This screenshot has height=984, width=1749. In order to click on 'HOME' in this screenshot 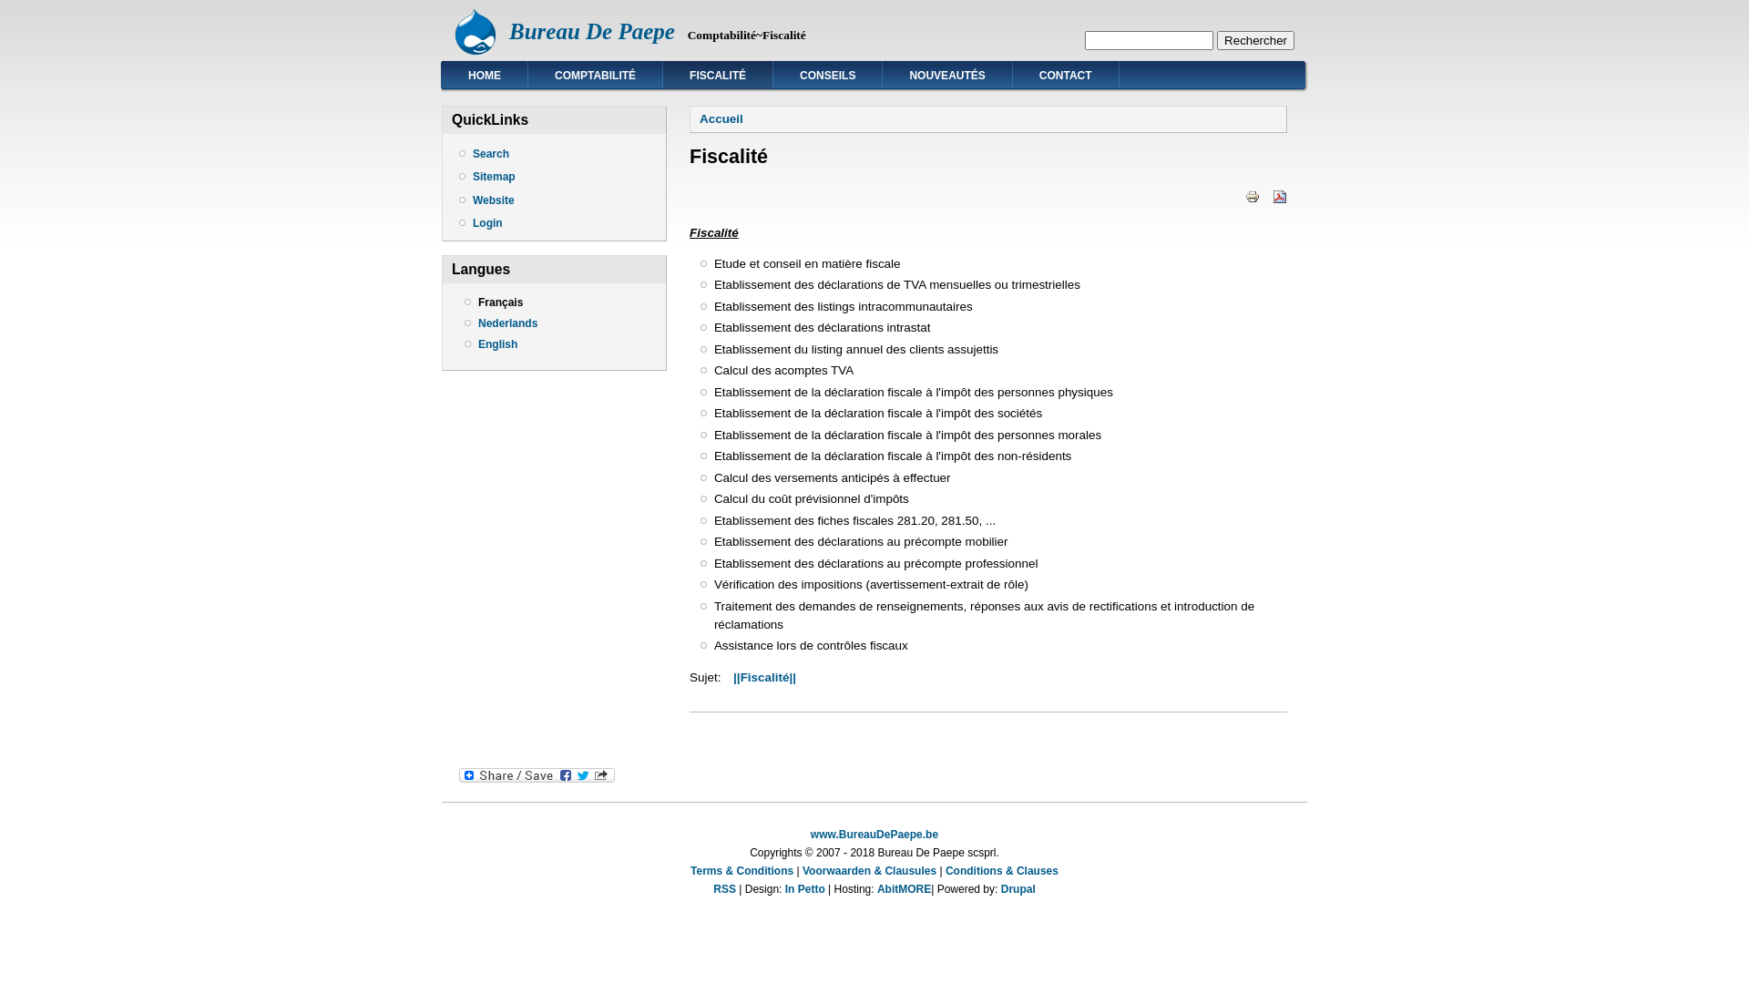, I will do `click(441, 73)`.